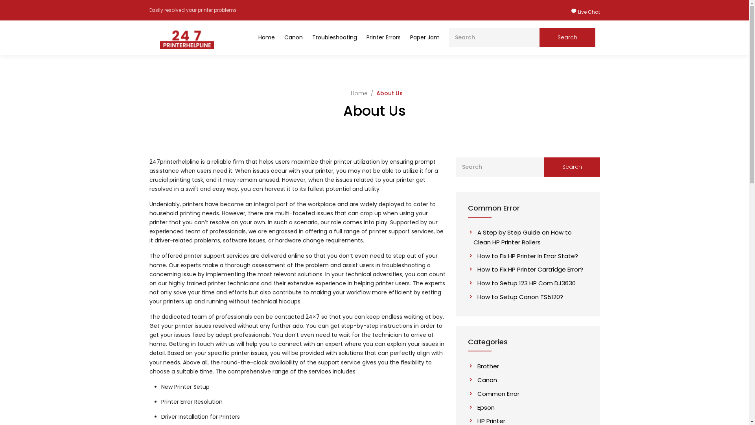 This screenshot has width=755, height=425. Describe the element at coordinates (526, 256) in the screenshot. I see `'How to Fix HP Printer In Error State?'` at that location.